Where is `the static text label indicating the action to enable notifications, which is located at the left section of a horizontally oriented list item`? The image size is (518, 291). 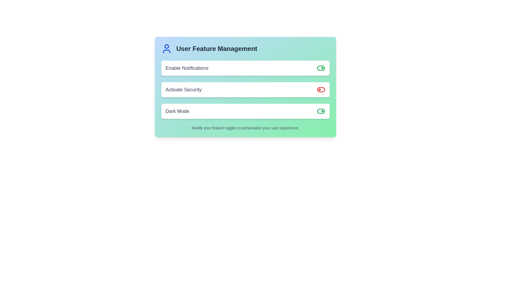
the static text label indicating the action to enable notifications, which is located at the left section of a horizontally oriented list item is located at coordinates (187, 68).